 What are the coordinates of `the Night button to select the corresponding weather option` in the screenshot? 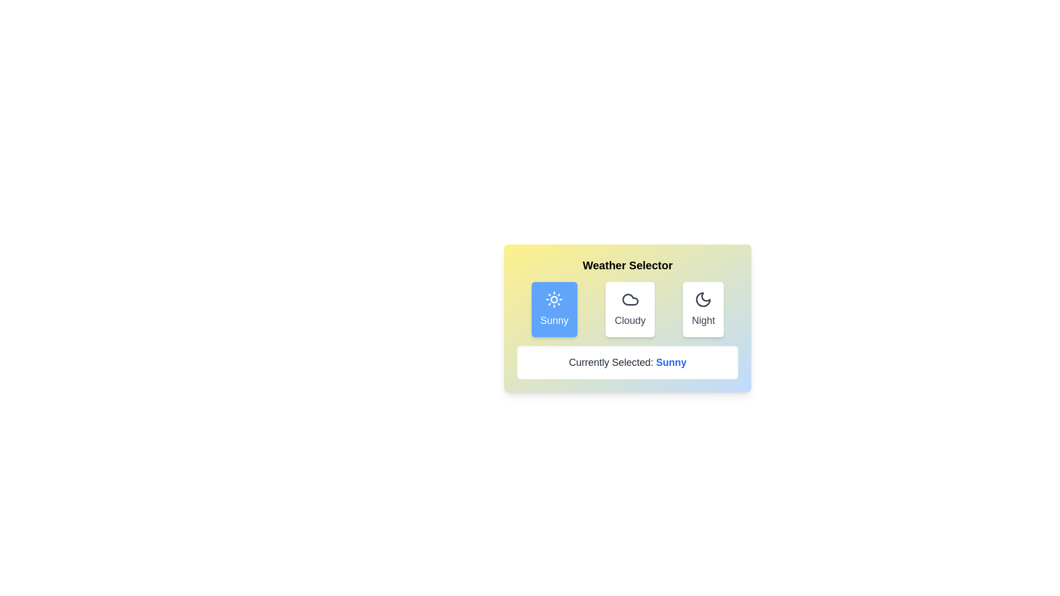 It's located at (703, 309).